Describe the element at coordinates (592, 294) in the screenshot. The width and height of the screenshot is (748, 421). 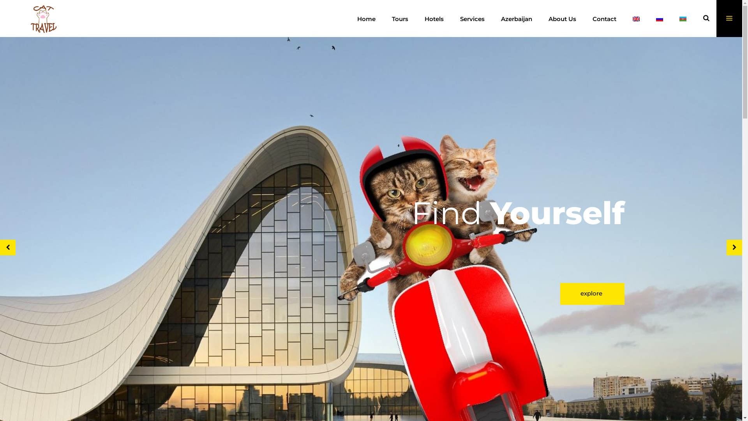
I see `'explore'` at that location.